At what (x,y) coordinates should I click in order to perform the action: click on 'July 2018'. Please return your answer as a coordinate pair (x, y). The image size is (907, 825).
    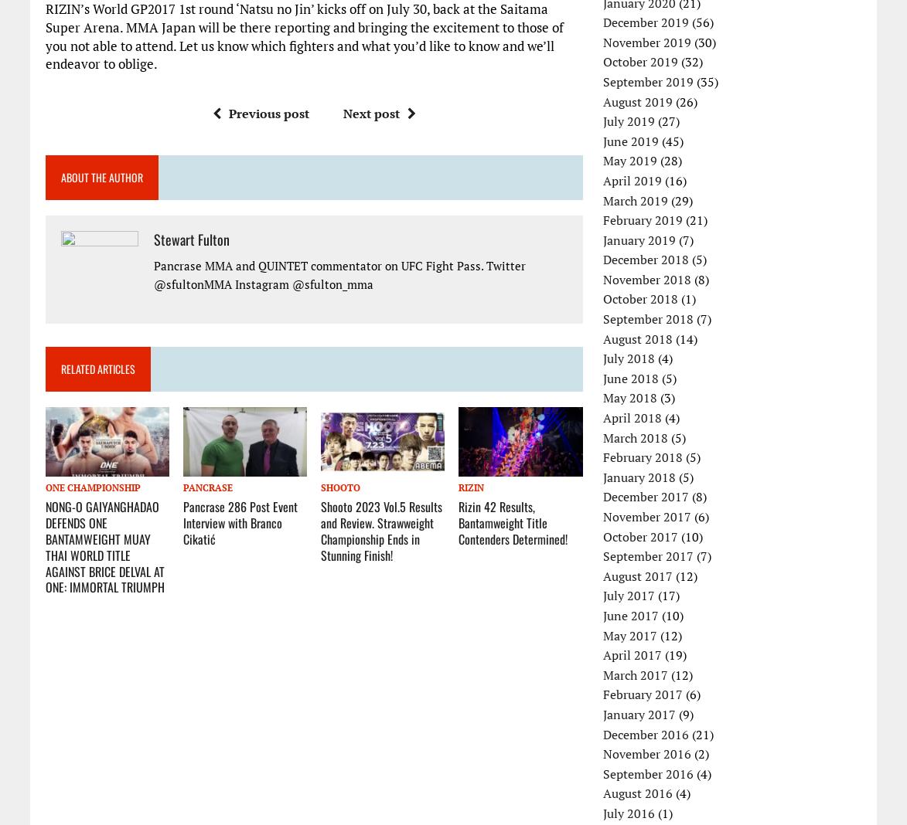
    Looking at the image, I should click on (629, 358).